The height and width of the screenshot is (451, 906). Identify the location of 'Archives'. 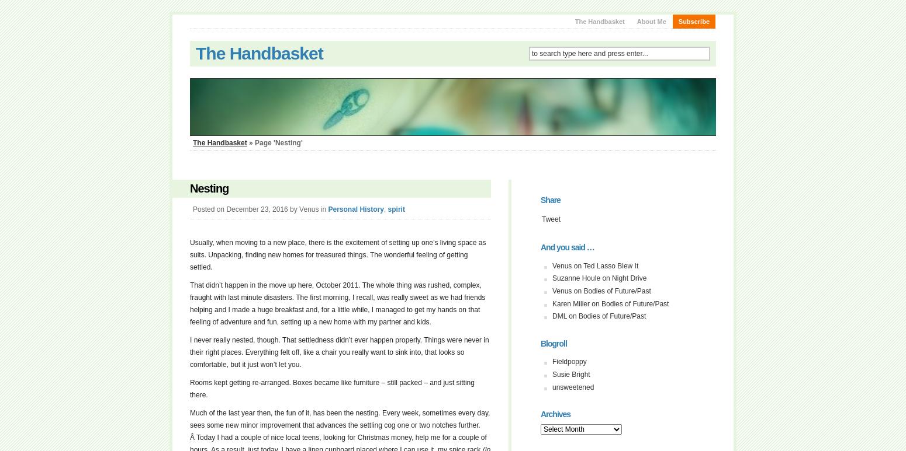
(555, 414).